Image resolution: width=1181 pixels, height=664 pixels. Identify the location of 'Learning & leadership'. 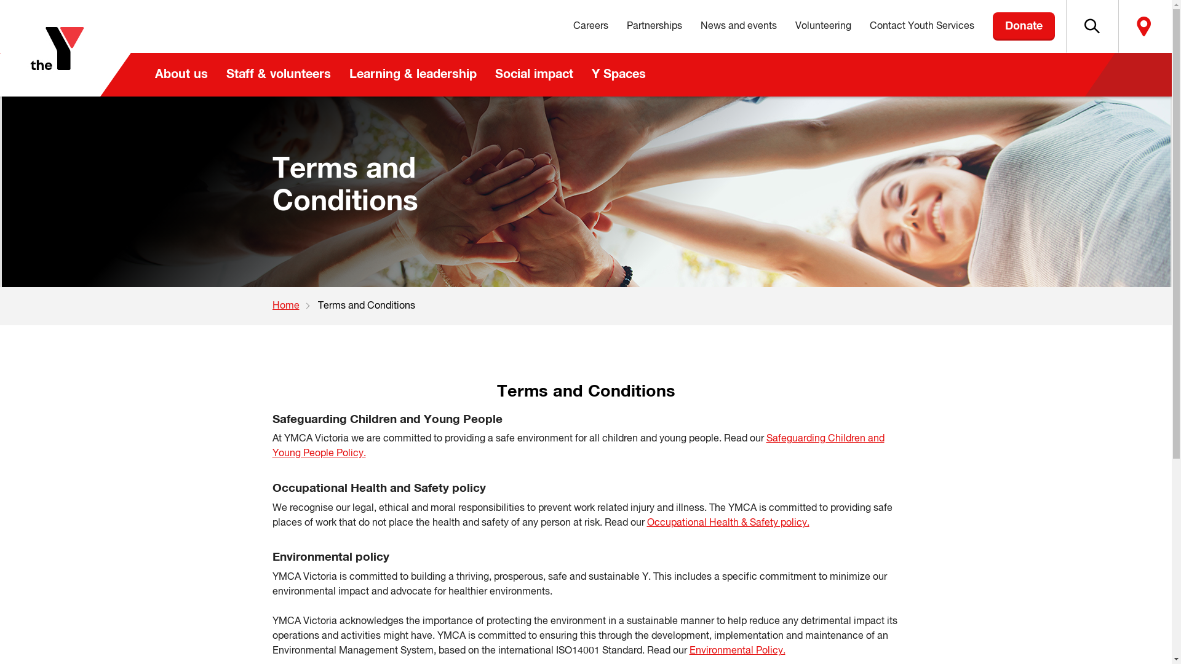
(412, 74).